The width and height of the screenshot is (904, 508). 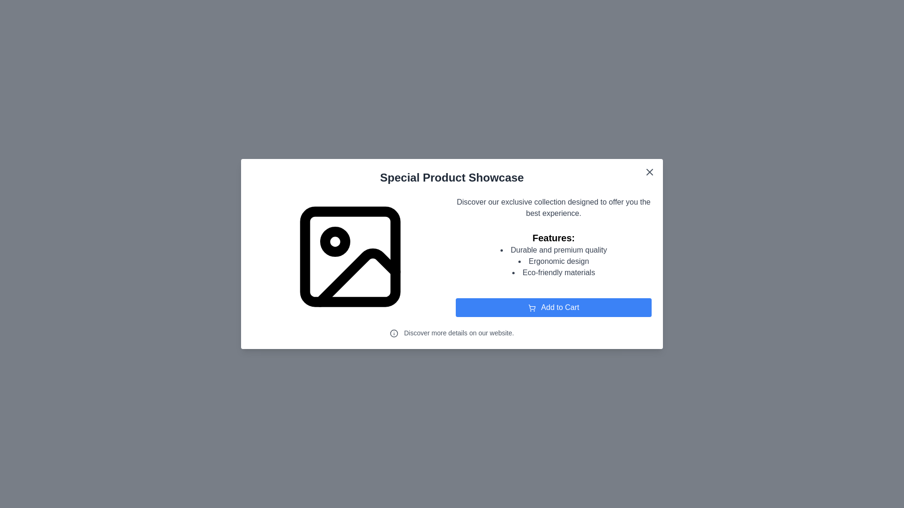 I want to click on the information icon located at the bottom-center of the modal dialog, which precedes the text 'Discover more details on our website.', so click(x=394, y=333).